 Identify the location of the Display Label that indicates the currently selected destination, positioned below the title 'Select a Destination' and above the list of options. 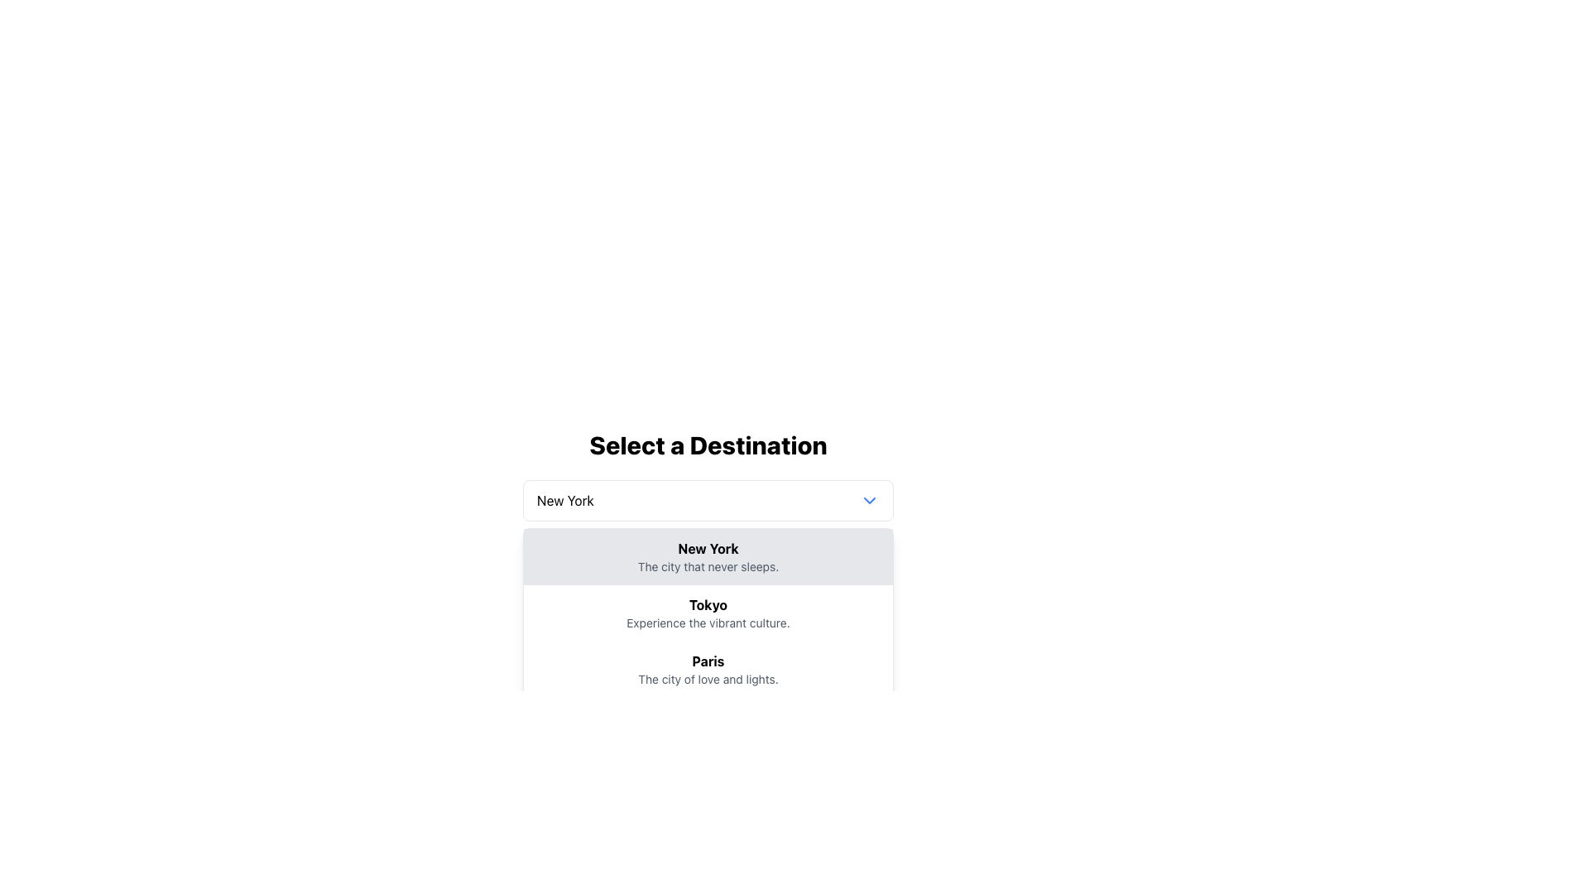
(708, 564).